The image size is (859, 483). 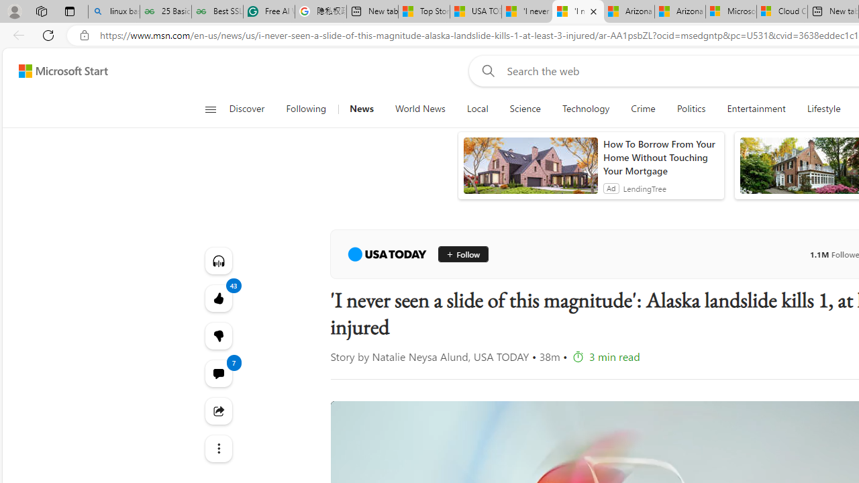 What do you see at coordinates (268, 11) in the screenshot?
I see `'Free AI Writing Assistance for Students | Grammarly'` at bounding box center [268, 11].